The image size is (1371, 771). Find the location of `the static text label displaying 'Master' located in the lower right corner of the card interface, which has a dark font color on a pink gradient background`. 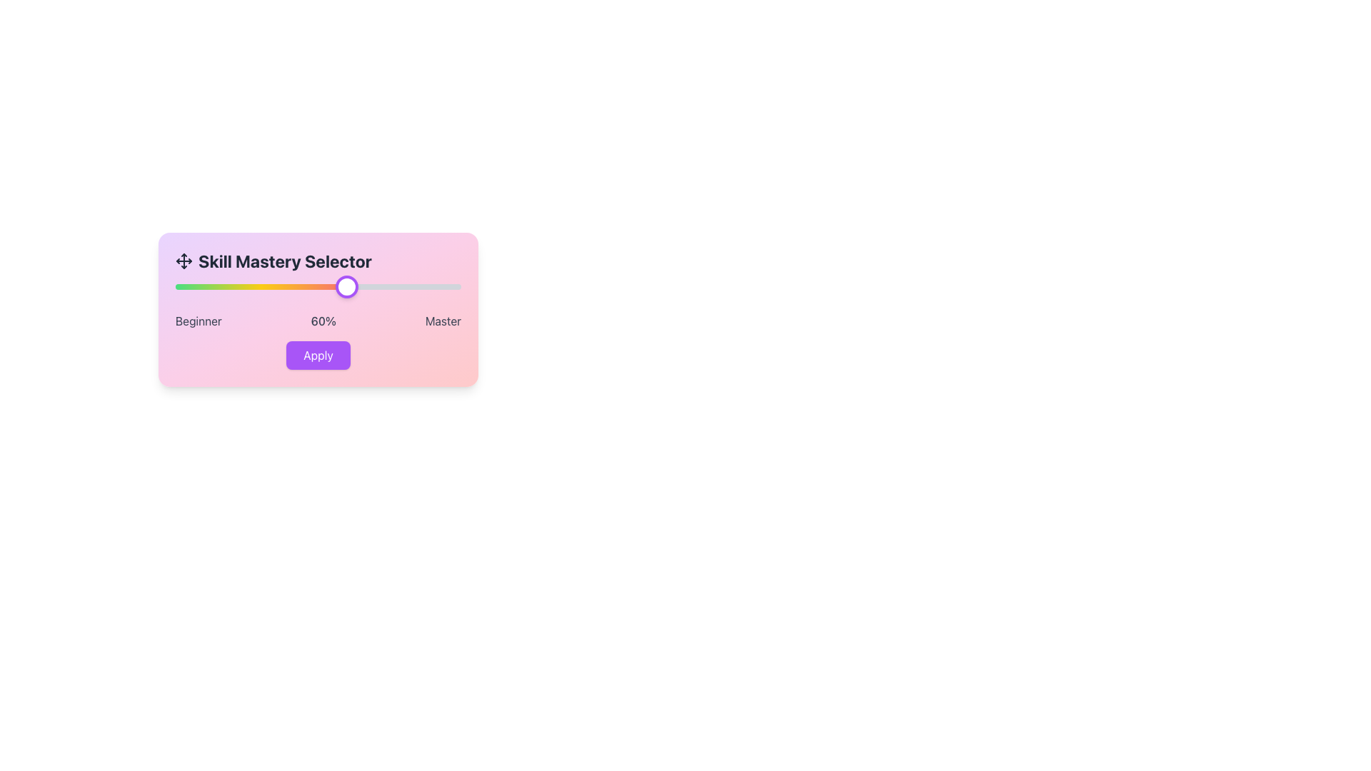

the static text label displaying 'Master' located in the lower right corner of the card interface, which has a dark font color on a pink gradient background is located at coordinates (442, 321).